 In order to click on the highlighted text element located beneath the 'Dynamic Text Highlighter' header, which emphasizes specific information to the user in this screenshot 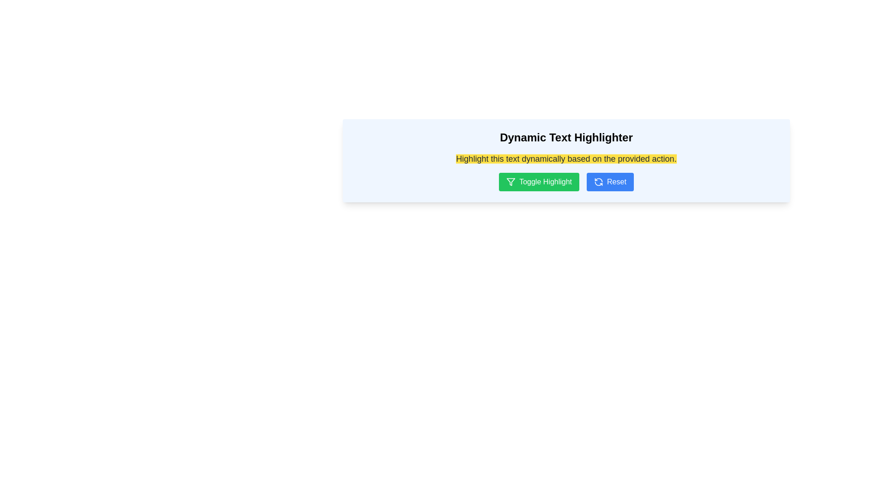, I will do `click(565, 158)`.